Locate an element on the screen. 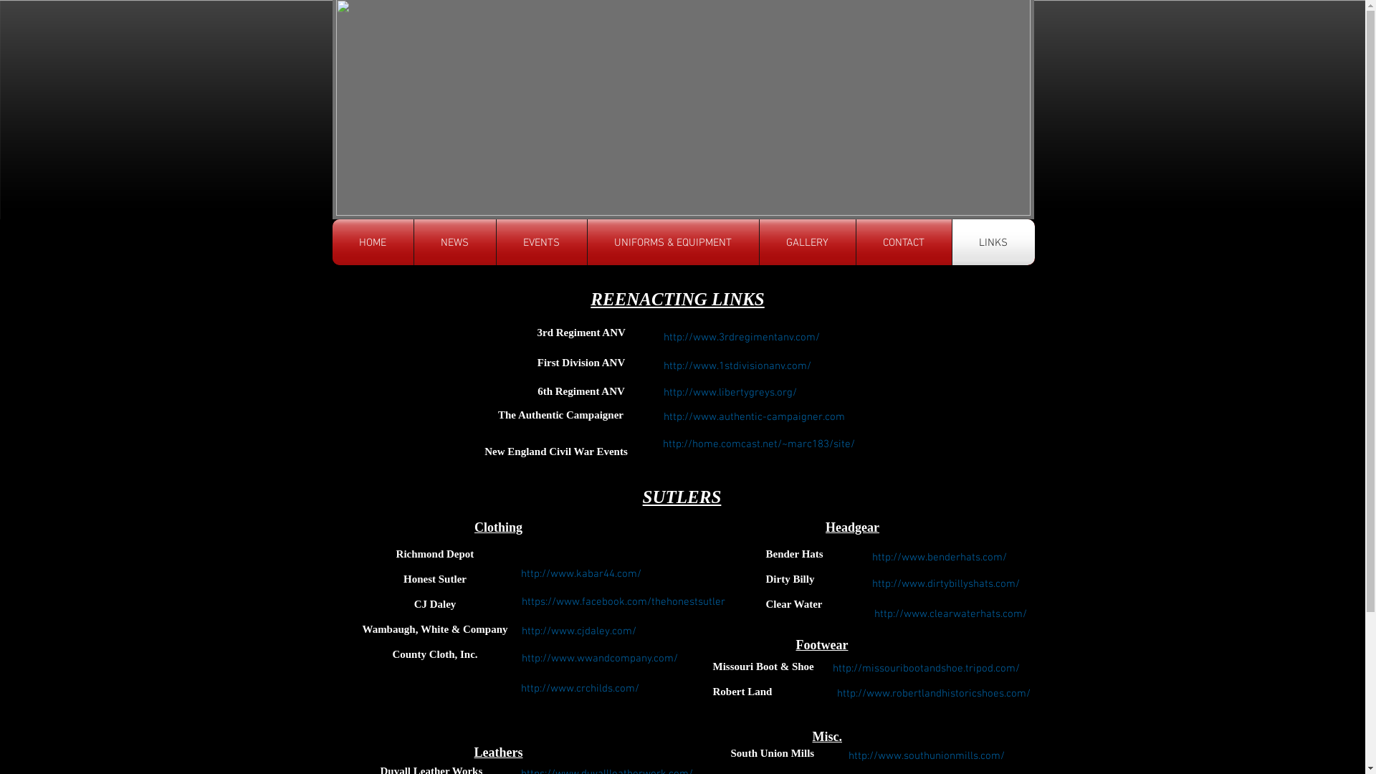 This screenshot has width=1376, height=774. 'http://www.southunionmills.com/' is located at coordinates (926, 754).